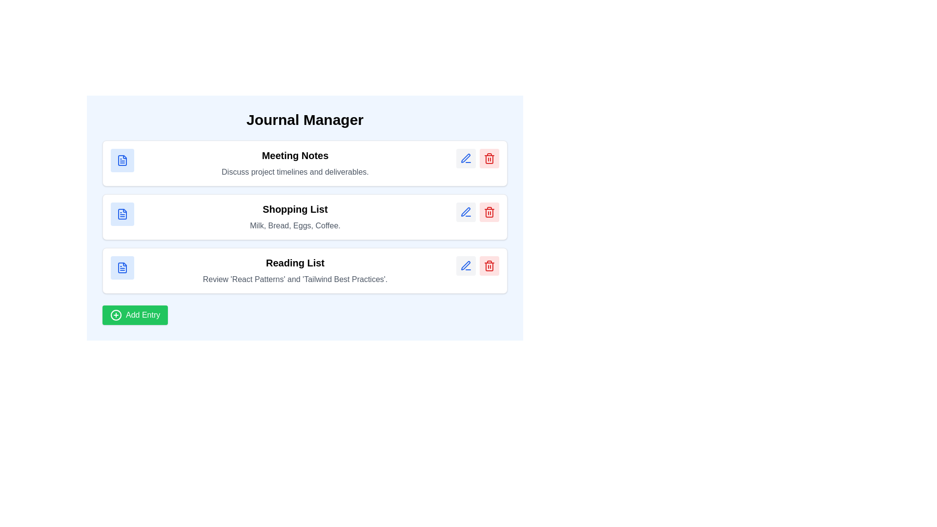  Describe the element at coordinates (294, 263) in the screenshot. I see `the Label or Text Header located in the third list item under the 'Journal Manager' section, which serves as a title for the entry` at that location.